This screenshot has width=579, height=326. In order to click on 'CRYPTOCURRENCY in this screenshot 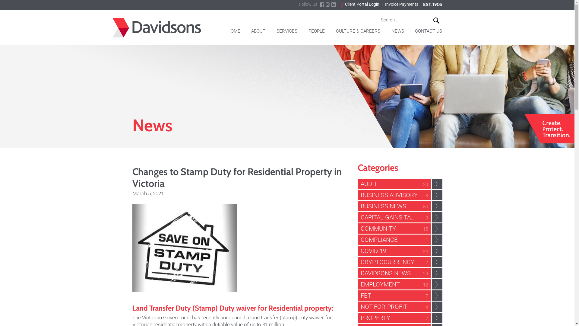, I will do `click(400, 261)`.